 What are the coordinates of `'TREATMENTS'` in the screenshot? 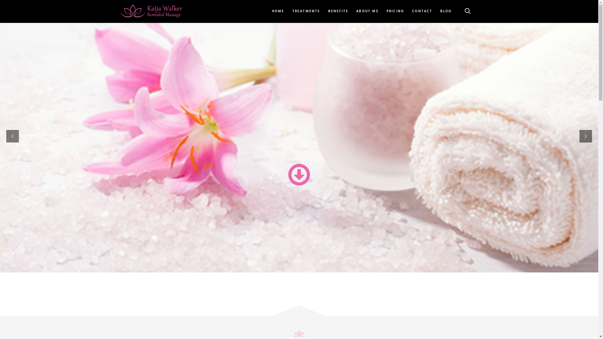 It's located at (306, 11).